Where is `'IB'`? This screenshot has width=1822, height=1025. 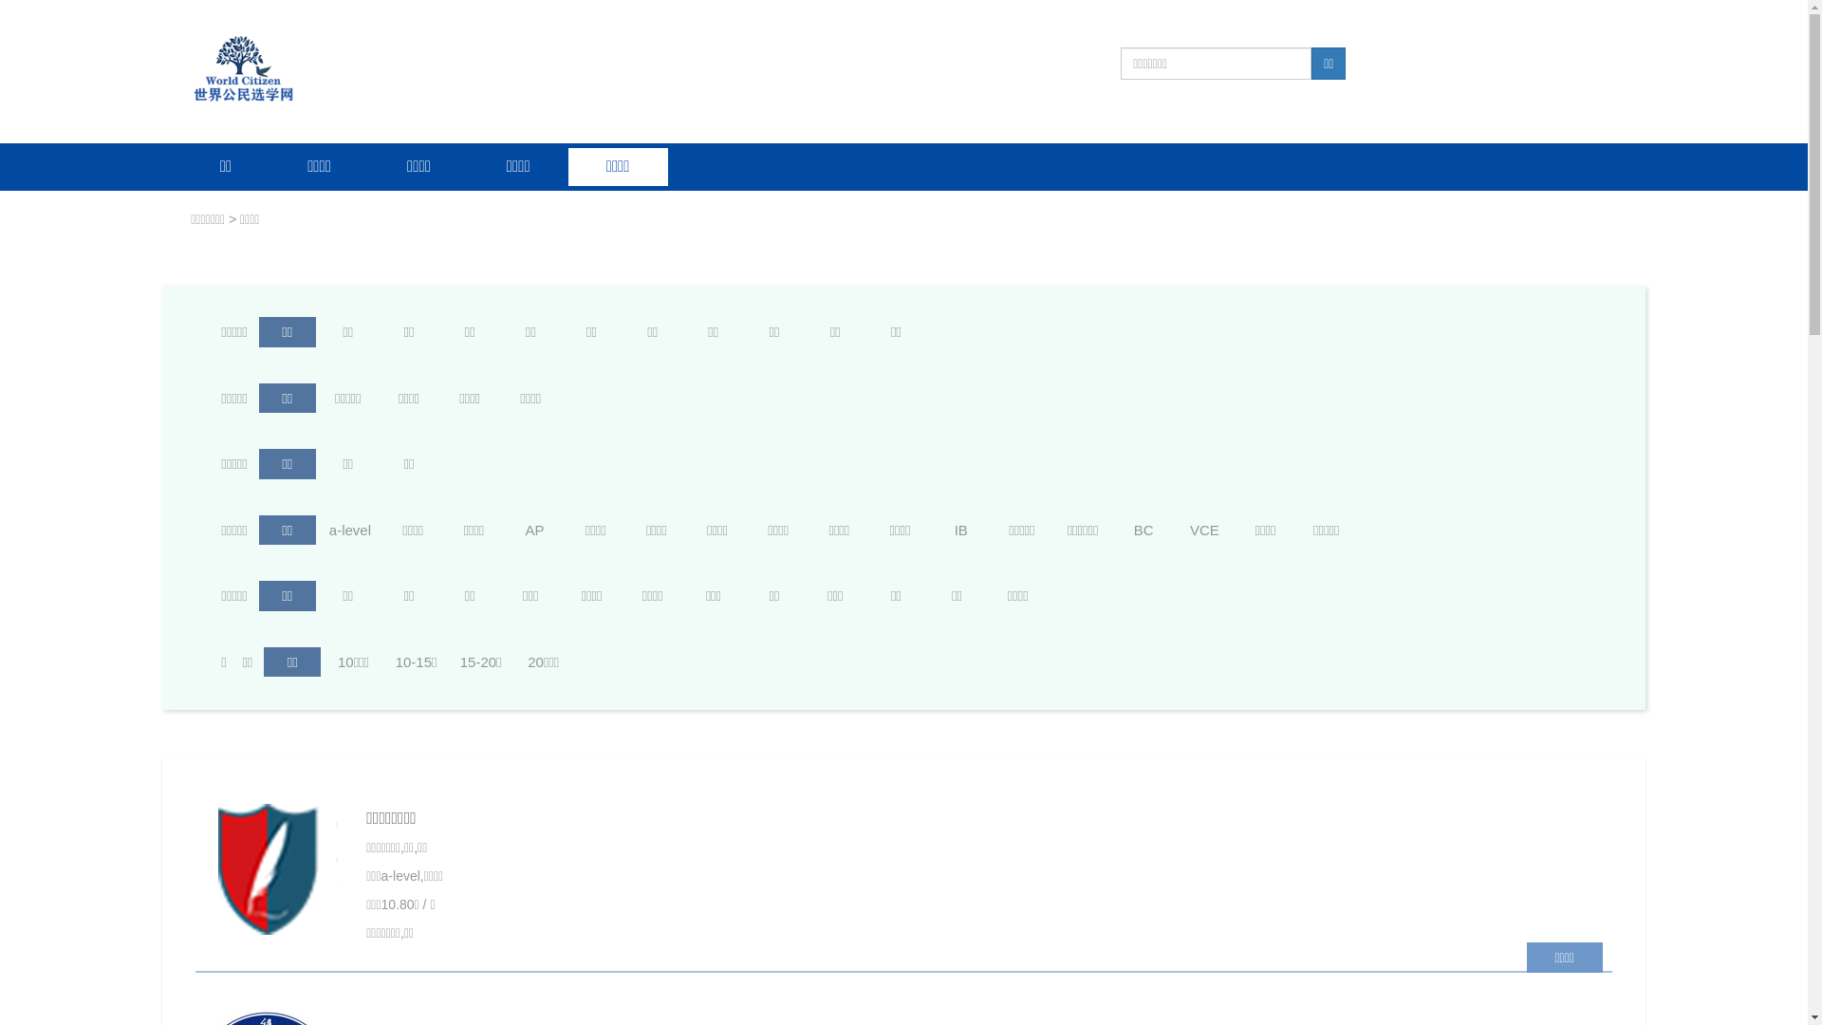
'IB' is located at coordinates (960, 530).